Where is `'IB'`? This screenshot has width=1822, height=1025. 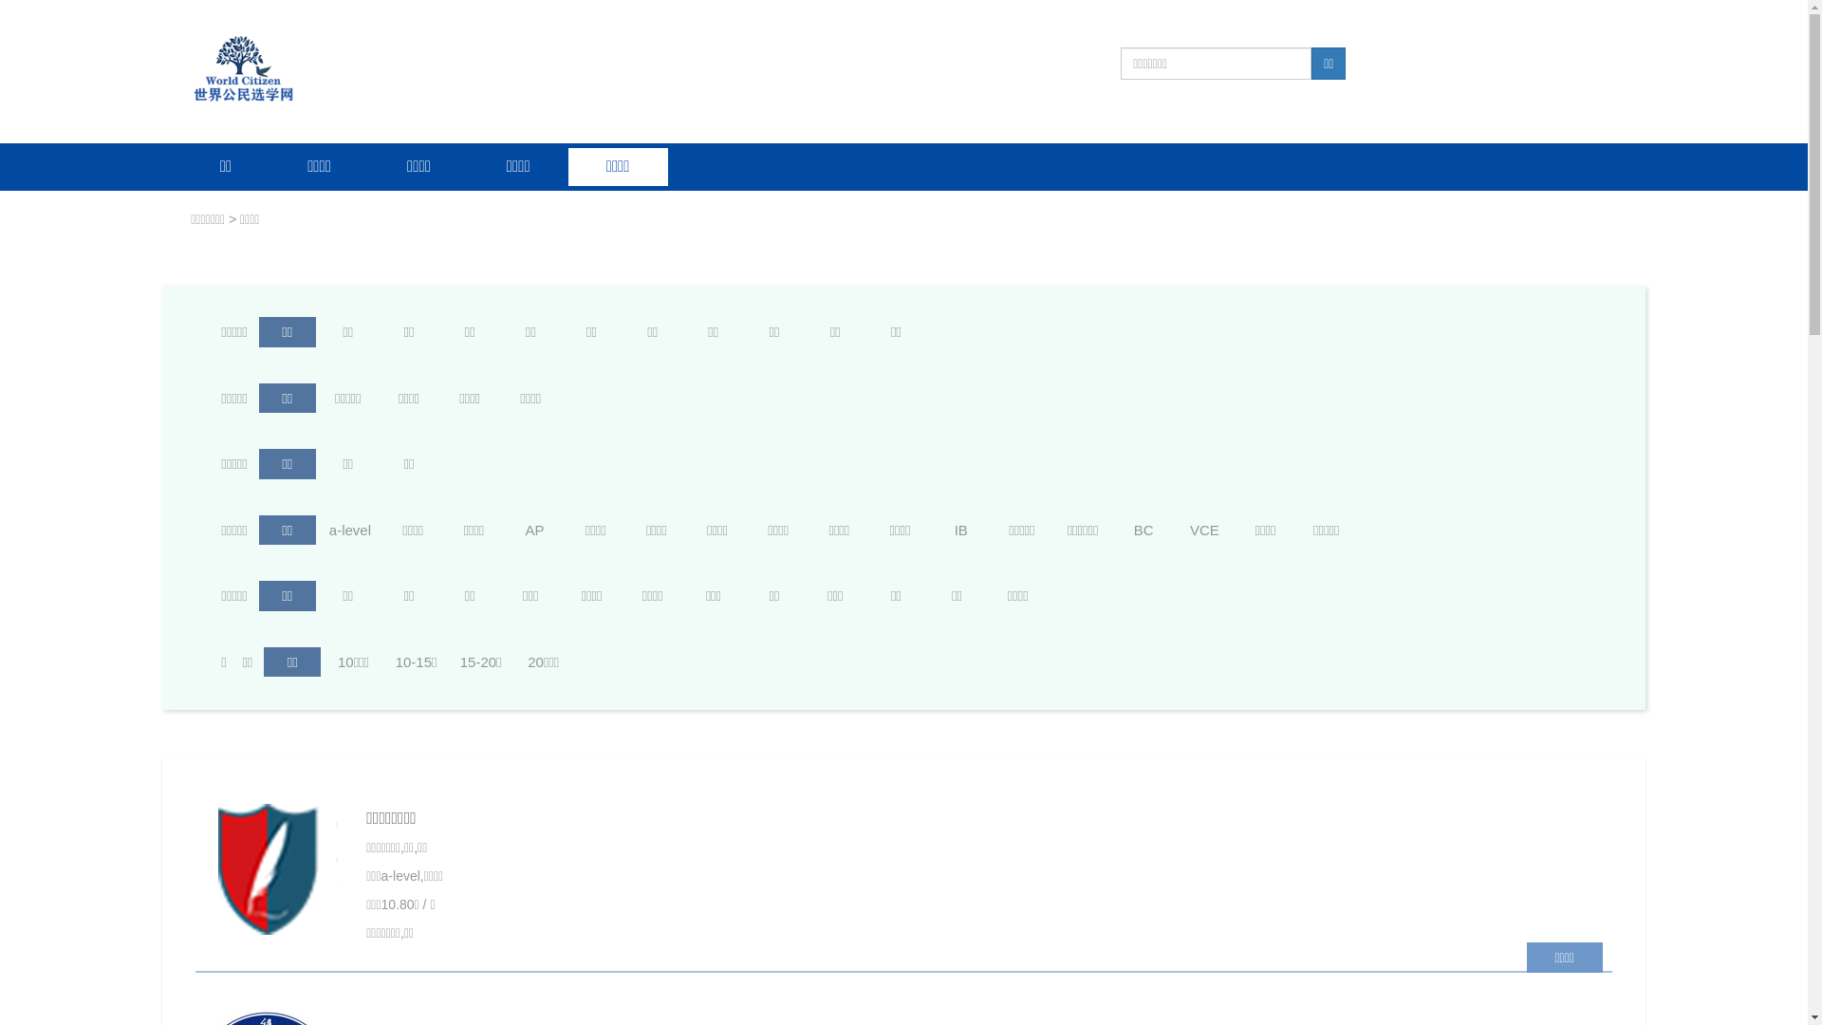
'IB' is located at coordinates (960, 530).